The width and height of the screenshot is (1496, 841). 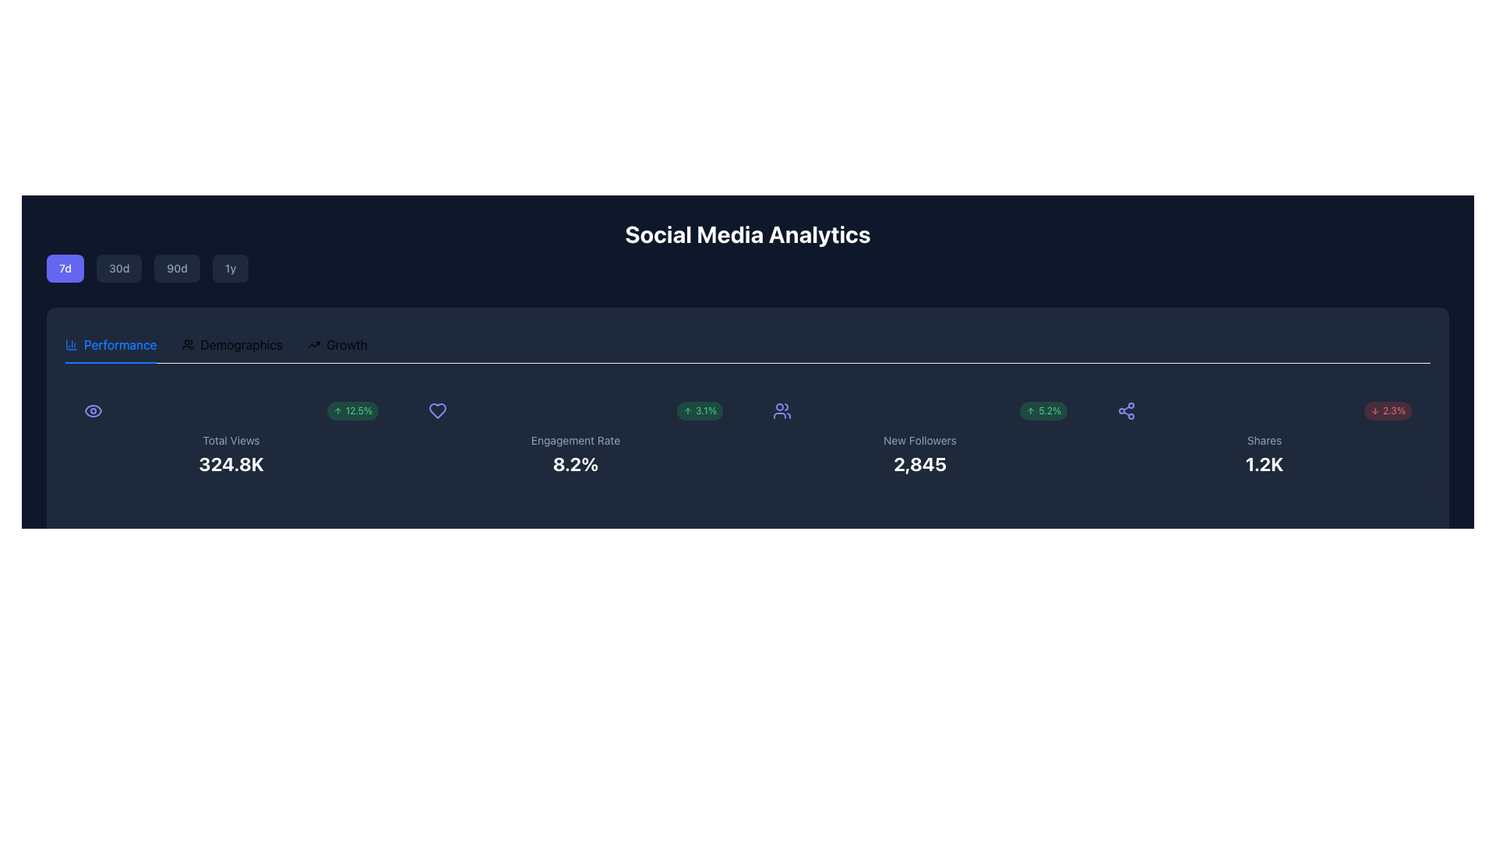 What do you see at coordinates (337, 410) in the screenshot?
I see `the Arrow icon indicating an upward trend, positioned to the left of the '12.5%' badge in the 'Performance' section of the dashboard` at bounding box center [337, 410].